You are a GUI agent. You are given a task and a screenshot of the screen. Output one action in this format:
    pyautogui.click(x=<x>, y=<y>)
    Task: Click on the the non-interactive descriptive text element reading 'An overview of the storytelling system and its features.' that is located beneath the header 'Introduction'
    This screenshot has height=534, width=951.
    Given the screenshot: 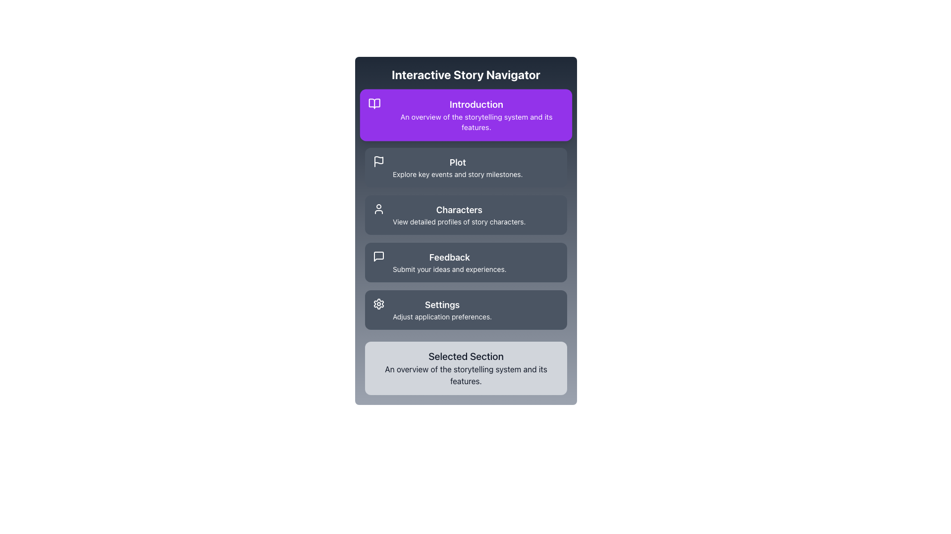 What is the action you would take?
    pyautogui.click(x=476, y=122)
    